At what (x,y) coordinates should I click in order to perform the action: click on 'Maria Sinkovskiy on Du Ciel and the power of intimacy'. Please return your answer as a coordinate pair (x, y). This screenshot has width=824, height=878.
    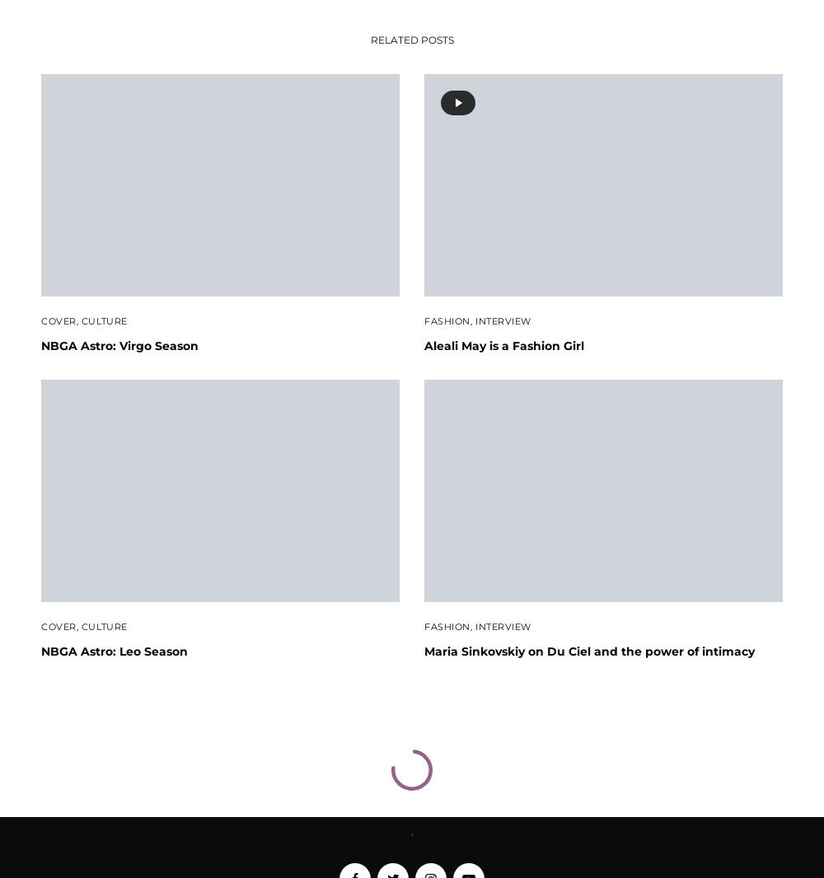
    Looking at the image, I should click on (588, 650).